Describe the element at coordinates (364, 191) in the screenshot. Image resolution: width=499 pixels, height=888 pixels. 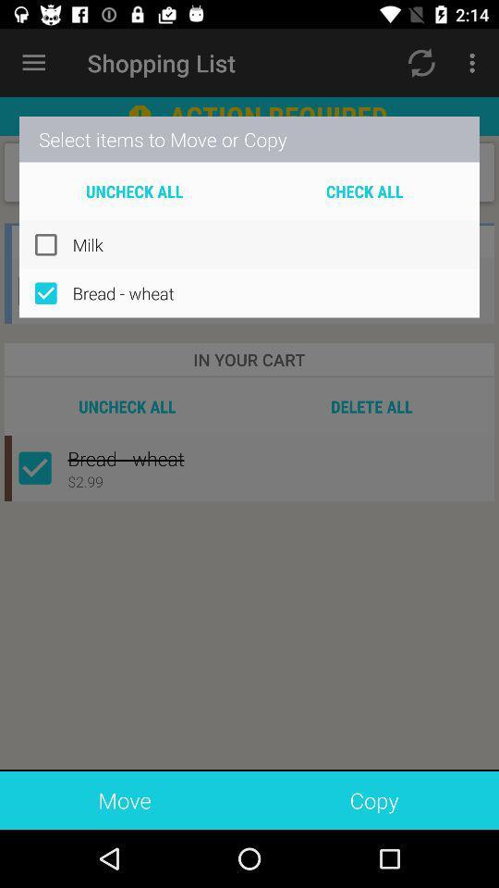
I see `check all` at that location.